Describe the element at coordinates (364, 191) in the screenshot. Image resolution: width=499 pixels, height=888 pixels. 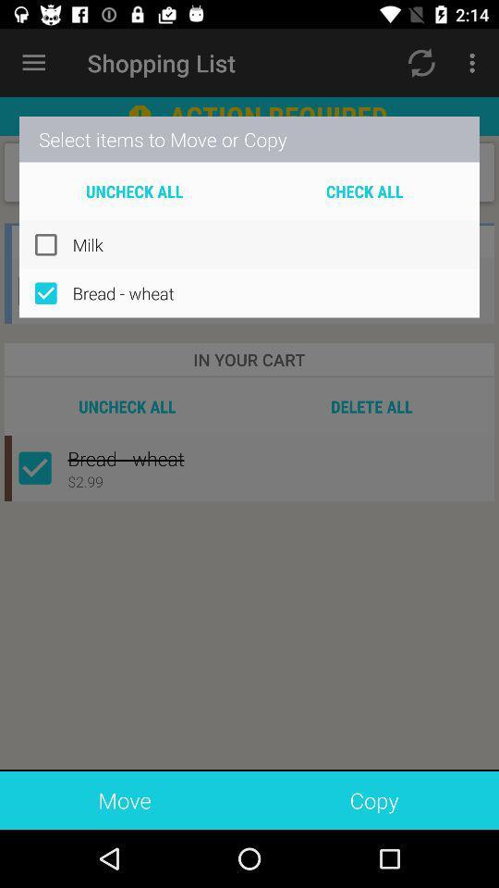
I see `check all` at that location.